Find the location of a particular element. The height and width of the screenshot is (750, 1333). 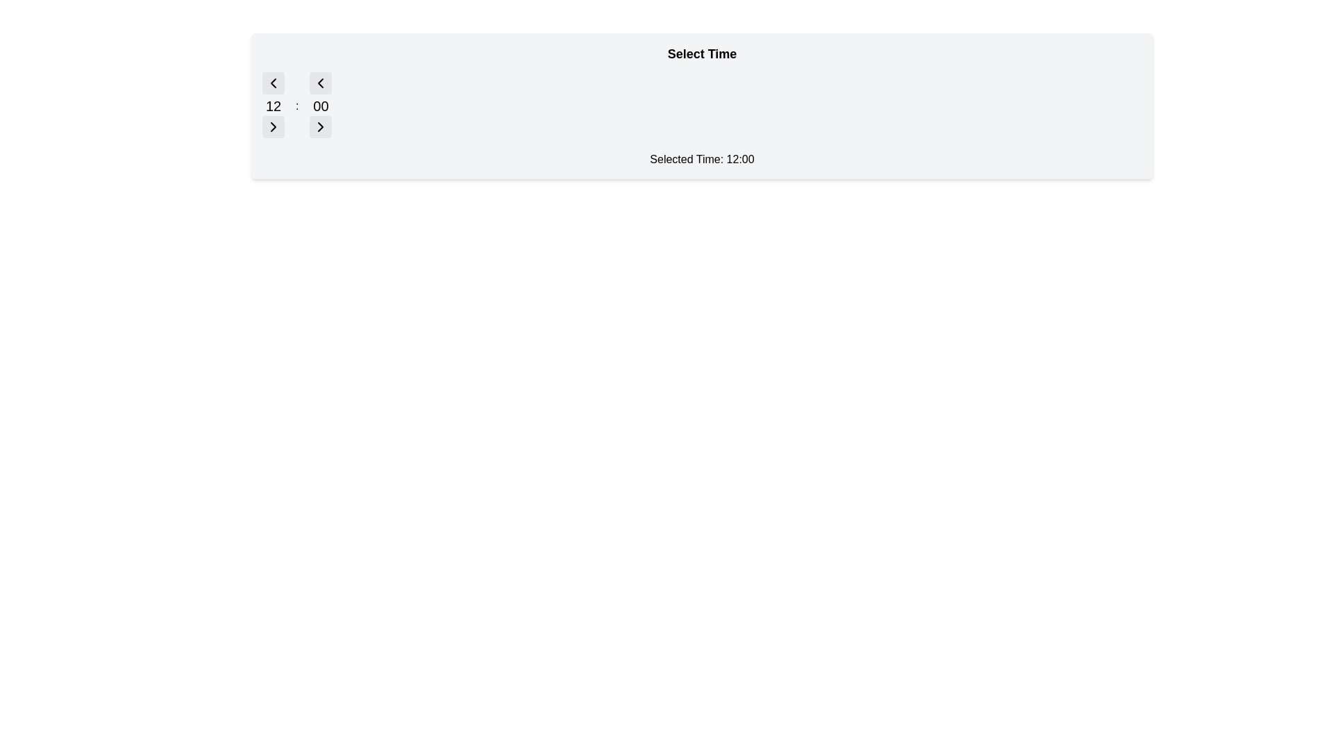

the left-pointing chevron arrow icon located in the top-left corner of the time selection interface to initiate a backward navigation is located at coordinates (320, 83).